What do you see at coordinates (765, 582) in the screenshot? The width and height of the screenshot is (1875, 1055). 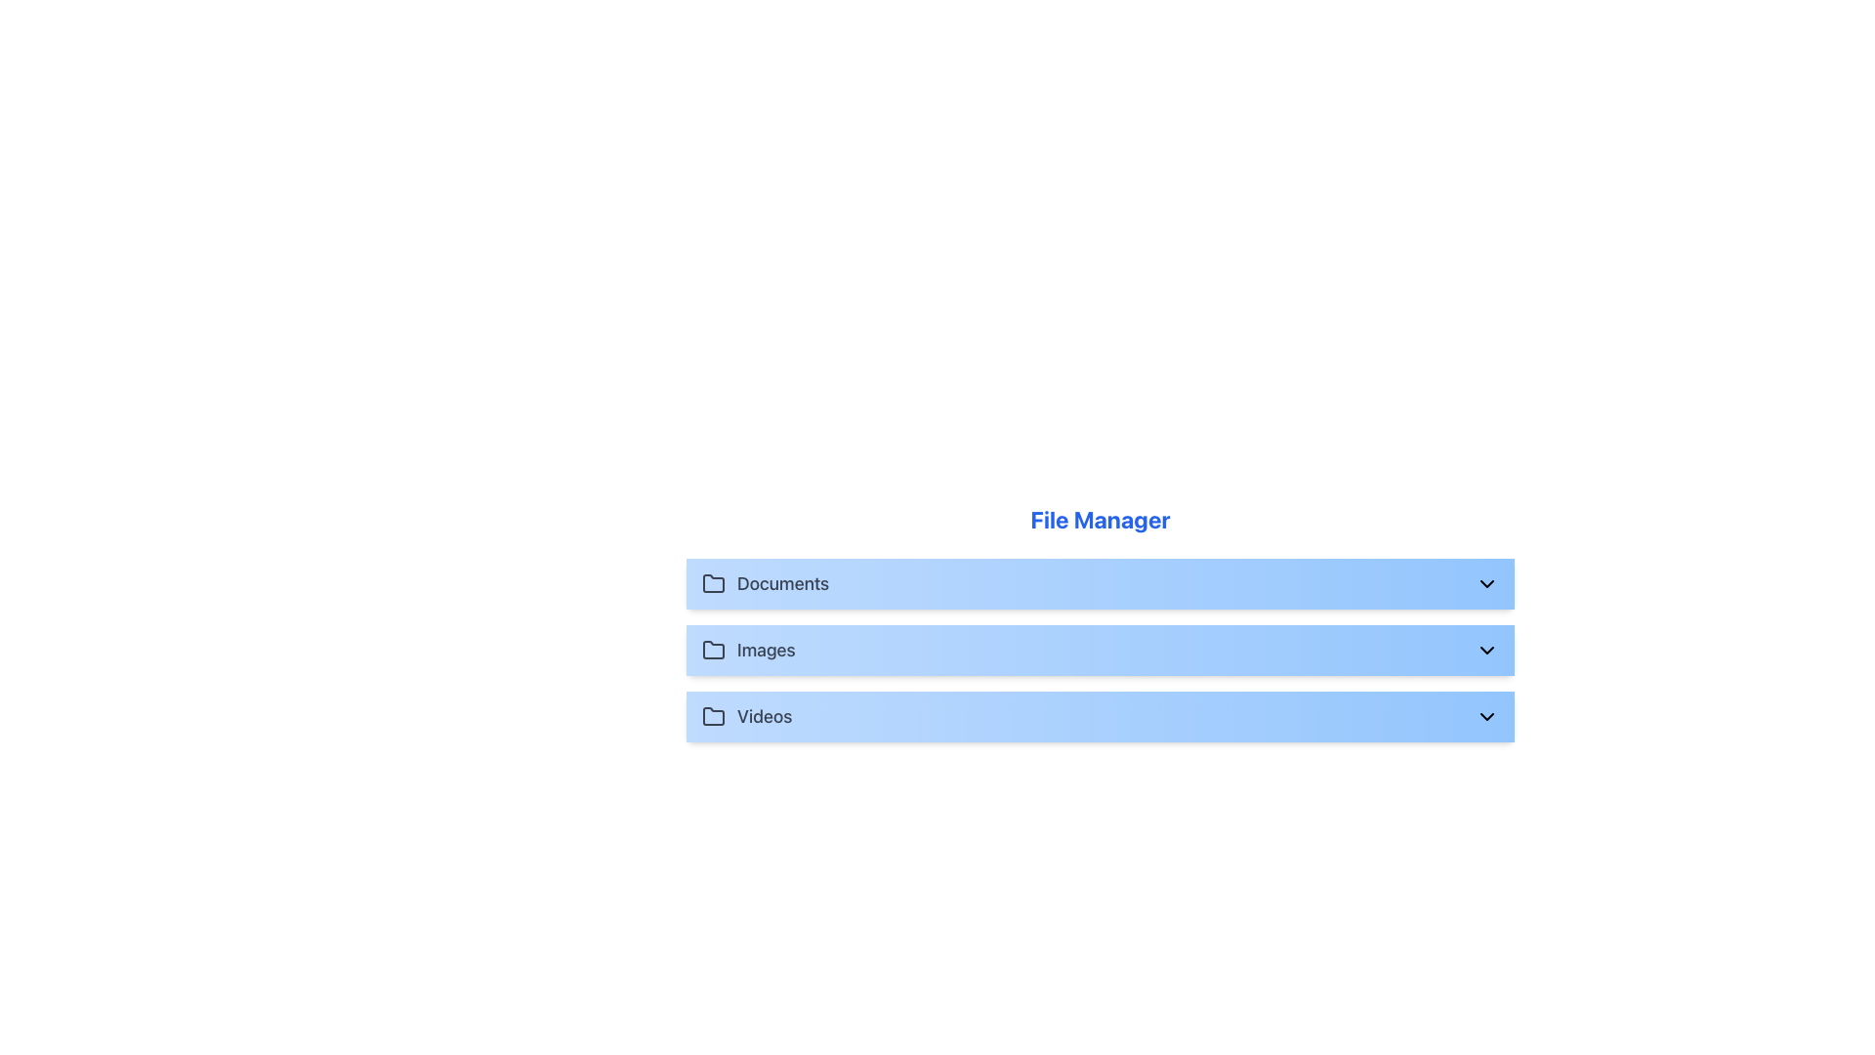 I see `the first item in the vertical list of navigation buttons representing the 'Documents' section for accessibility actions` at bounding box center [765, 582].